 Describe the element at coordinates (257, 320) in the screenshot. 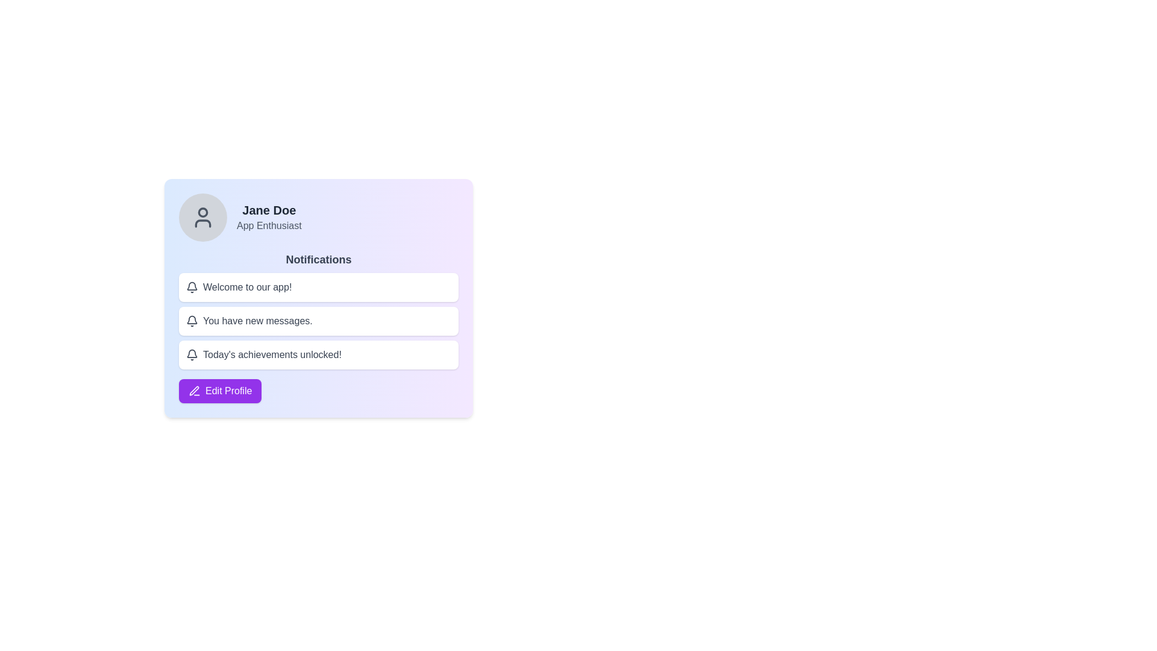

I see `the static text element displaying 'You have new messages.' which is centrally aligned within the notification component` at that location.